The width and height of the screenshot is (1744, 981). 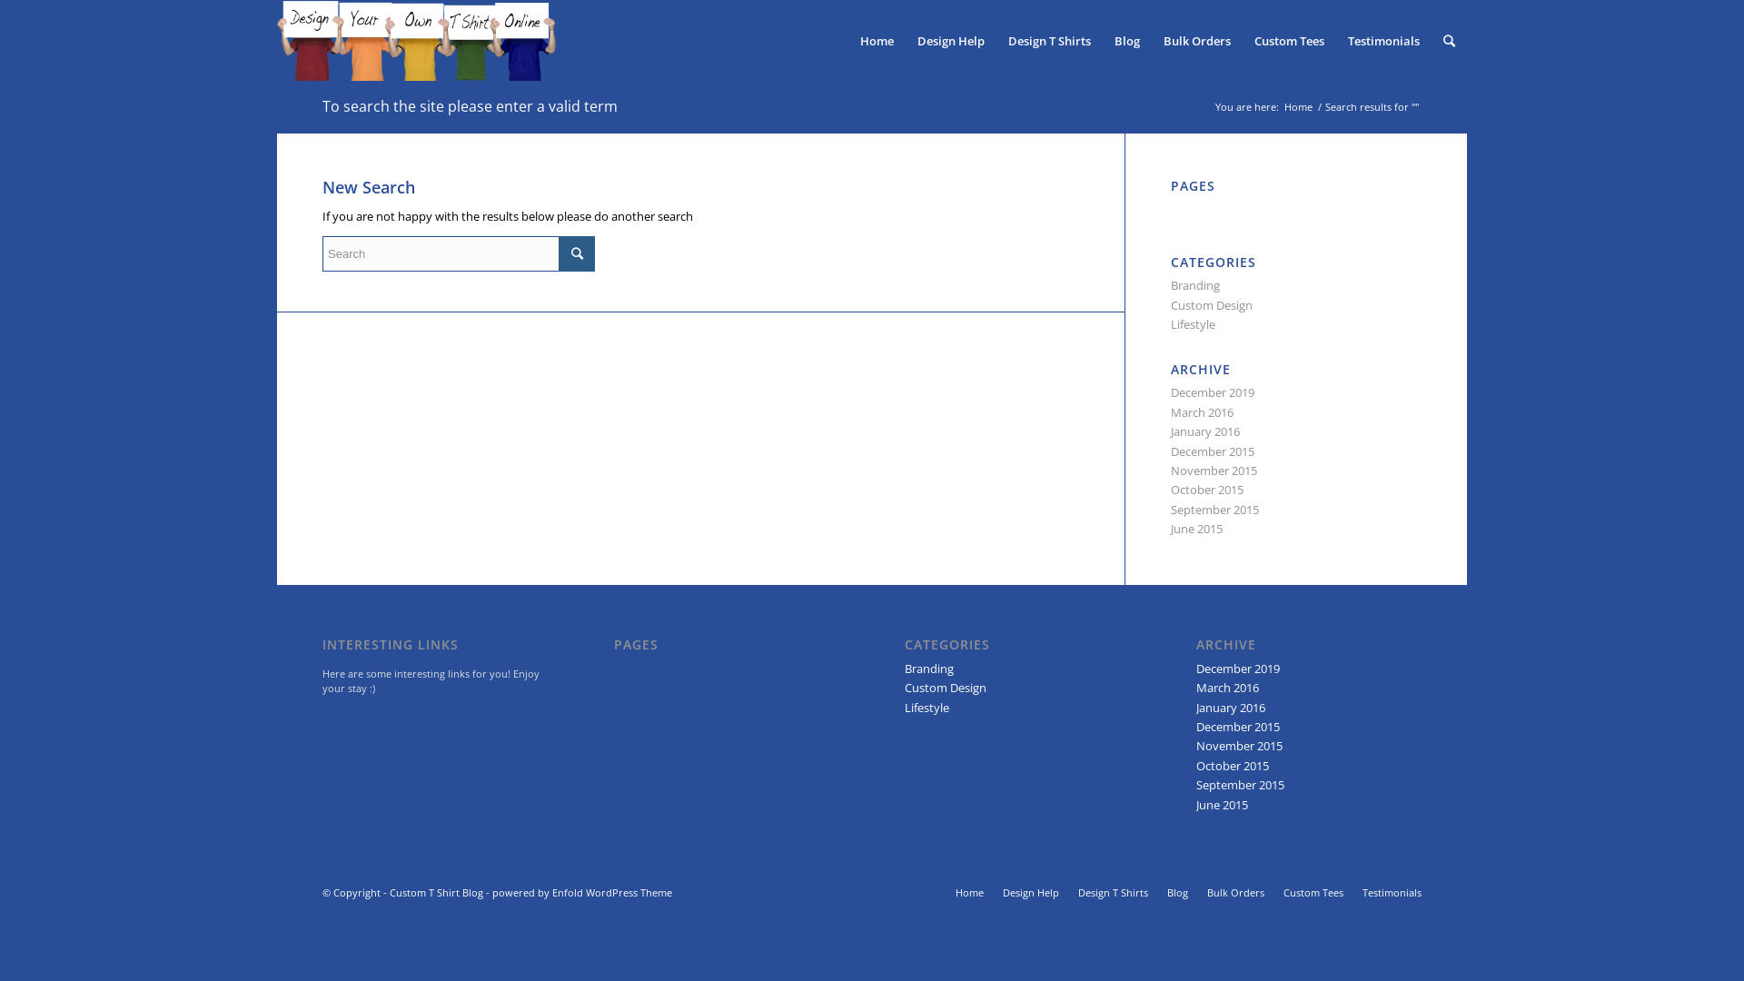 What do you see at coordinates (1235, 891) in the screenshot?
I see `'Bulk Orders'` at bounding box center [1235, 891].